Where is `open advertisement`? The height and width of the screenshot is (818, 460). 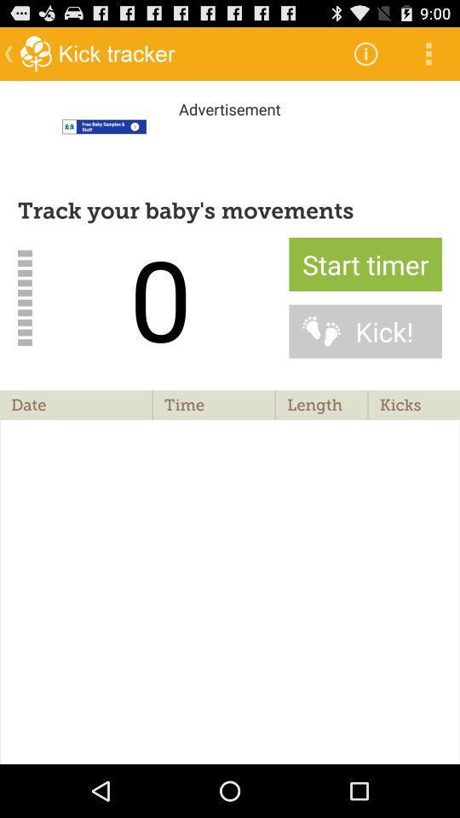
open advertisement is located at coordinates (230, 147).